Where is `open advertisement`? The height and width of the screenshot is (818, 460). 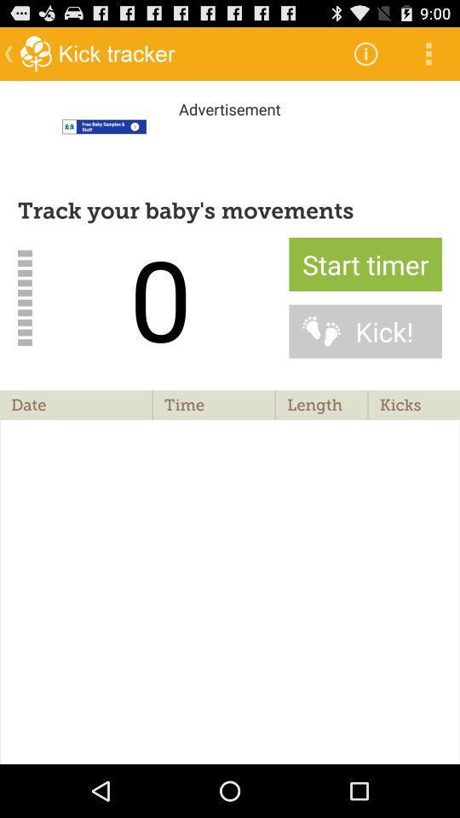
open advertisement is located at coordinates (230, 147).